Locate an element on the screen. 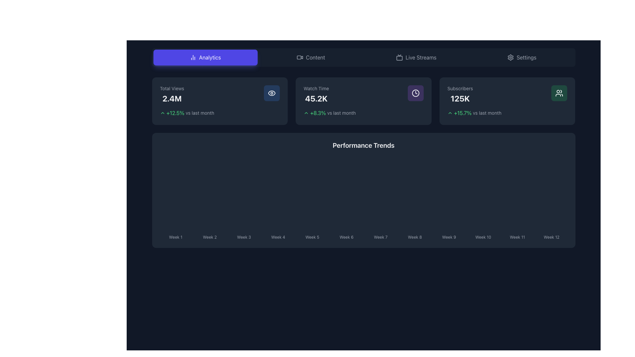 The height and width of the screenshot is (357, 635). the static text label displaying 'Week 6', which is the sixth item in a horizontal list beneath the 'Performance Trends' heading is located at coordinates (346, 237).